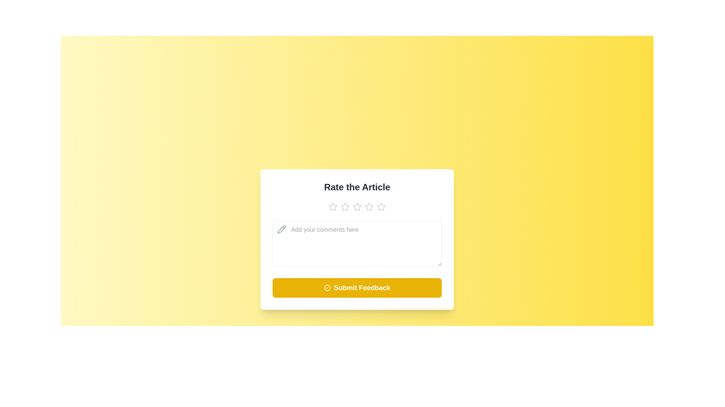 This screenshot has height=407, width=725. What do you see at coordinates (356, 206) in the screenshot?
I see `the third star icon in the rating system below the 'Rate the Article' label` at bounding box center [356, 206].